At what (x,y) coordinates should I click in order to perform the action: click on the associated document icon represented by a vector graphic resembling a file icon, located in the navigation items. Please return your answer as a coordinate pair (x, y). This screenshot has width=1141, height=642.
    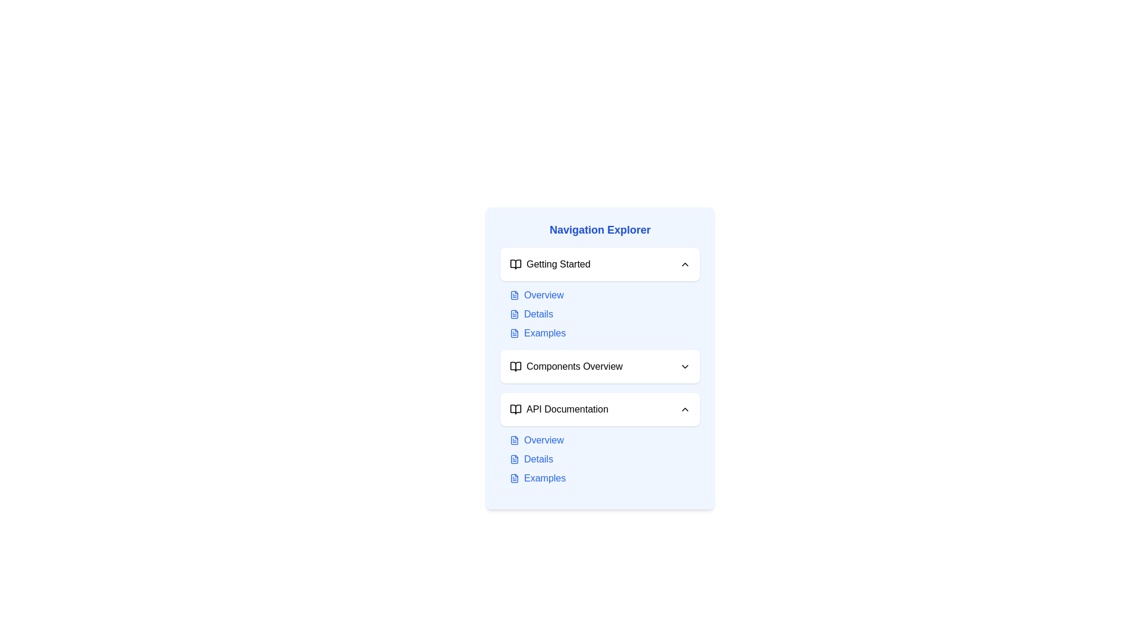
    Looking at the image, I should click on (514, 313).